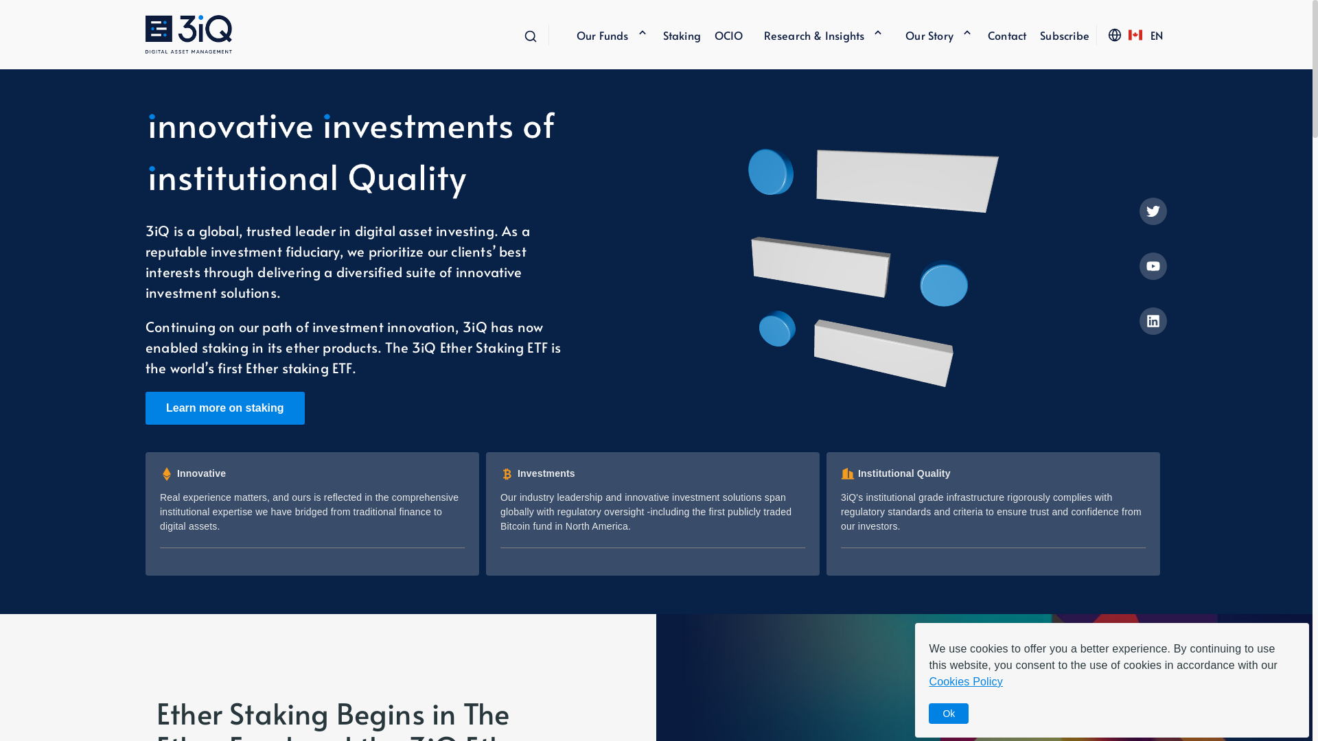  What do you see at coordinates (675, 34) in the screenshot?
I see `'Staking'` at bounding box center [675, 34].